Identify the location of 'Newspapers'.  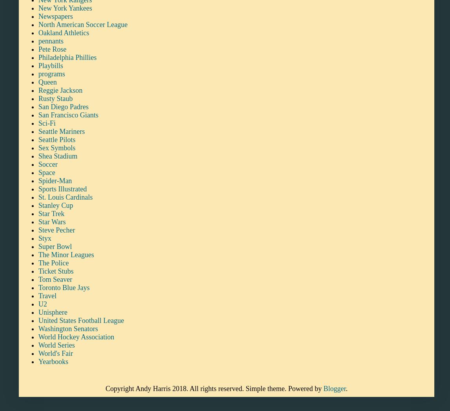
(55, 15).